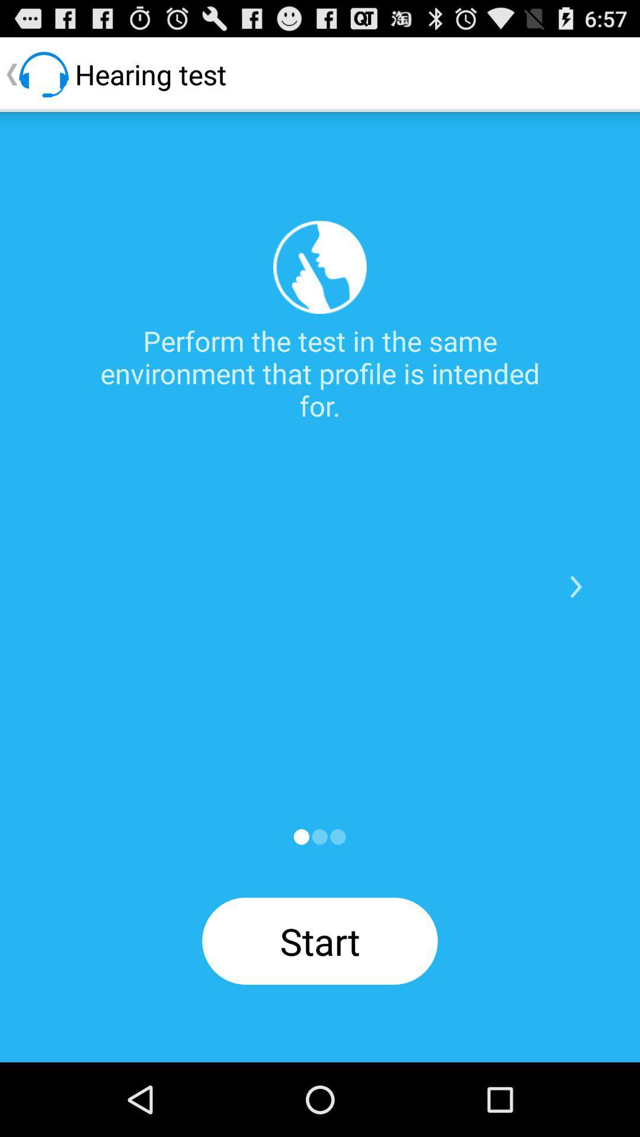 The height and width of the screenshot is (1137, 640). I want to click on next button, so click(575, 587).